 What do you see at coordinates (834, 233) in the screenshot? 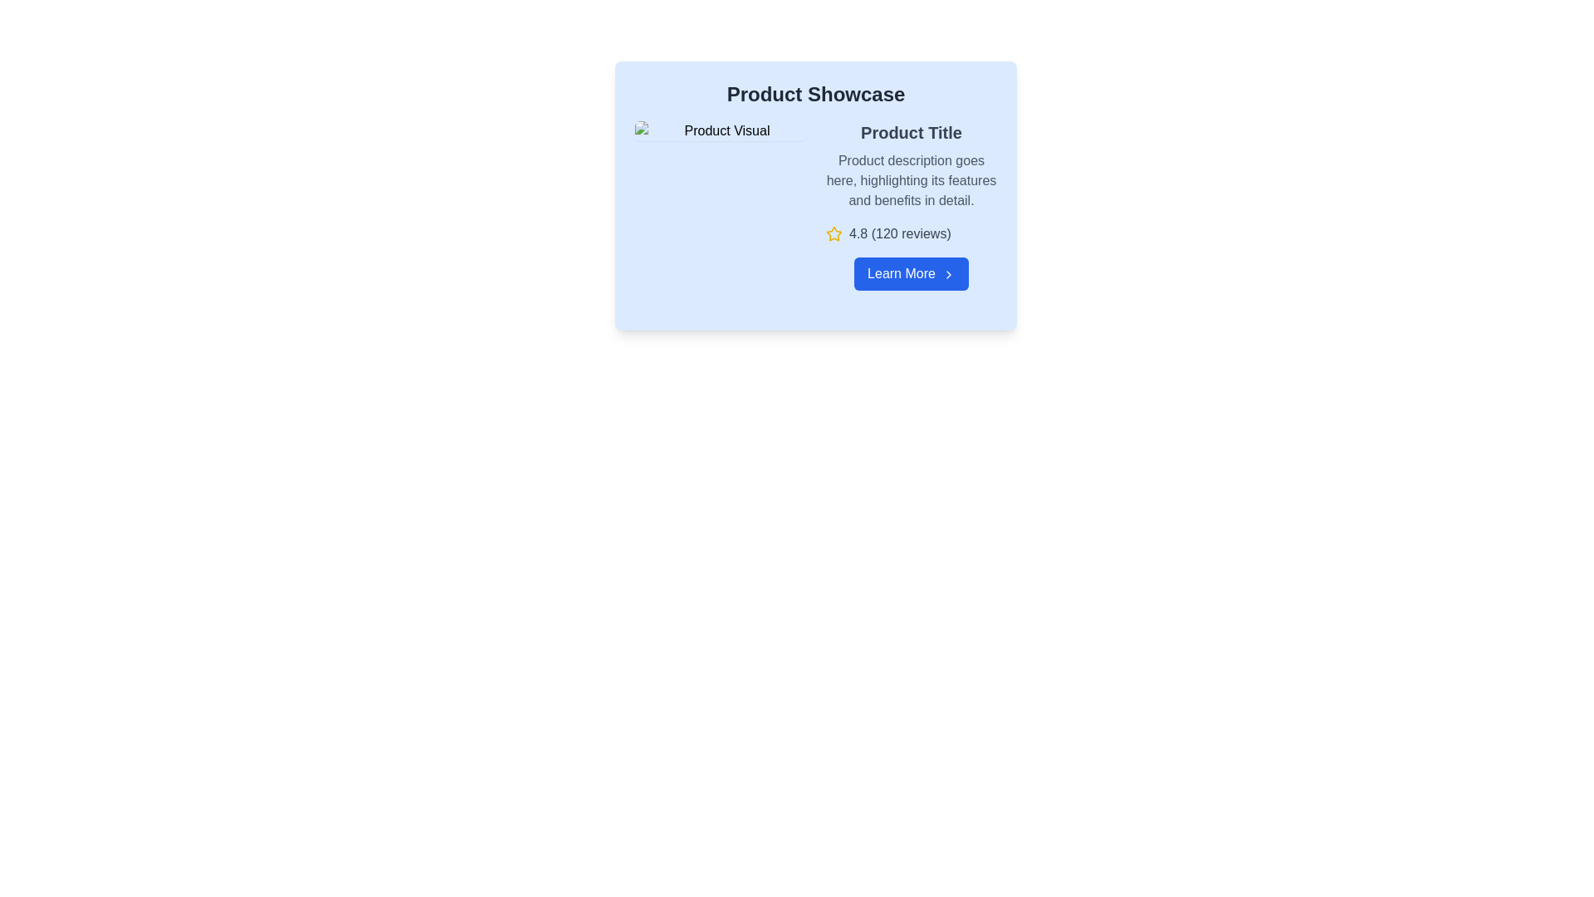
I see `the star icon that represents the rating, located in the lower-left part of the card, next to '4.8 (120 reviews)'` at bounding box center [834, 233].